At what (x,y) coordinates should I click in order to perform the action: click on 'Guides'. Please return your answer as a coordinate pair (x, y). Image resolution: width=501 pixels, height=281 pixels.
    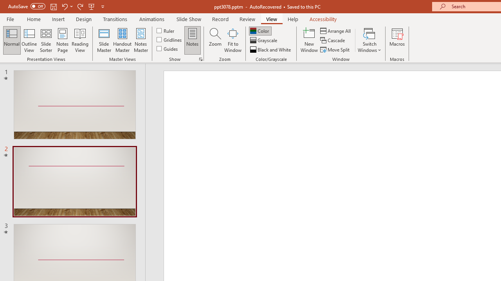
    Looking at the image, I should click on (167, 48).